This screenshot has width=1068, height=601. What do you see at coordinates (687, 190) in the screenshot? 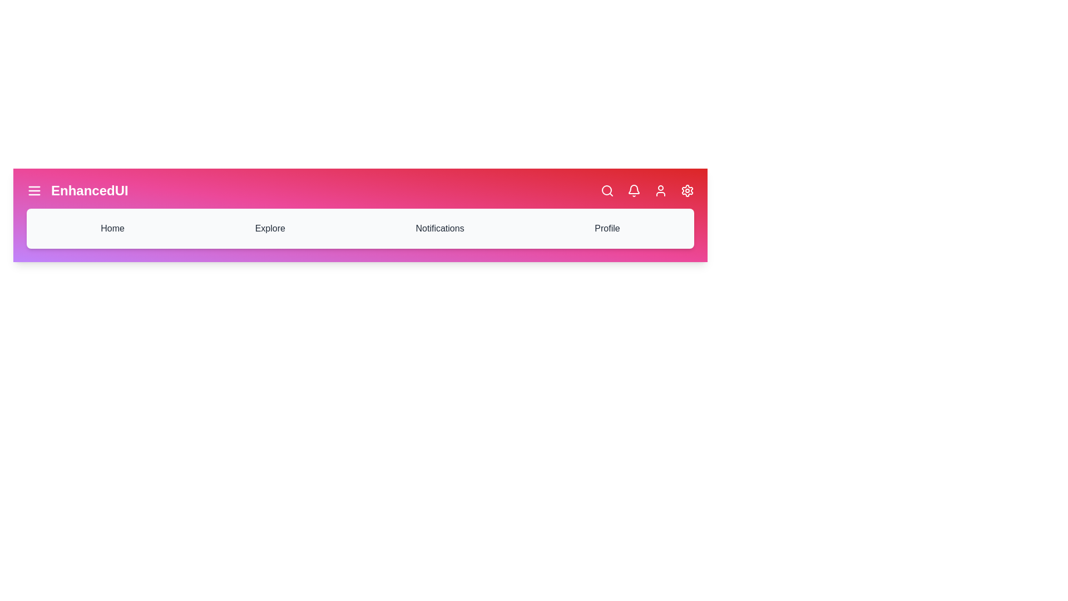
I see `the settings icon to open the settings menu` at bounding box center [687, 190].